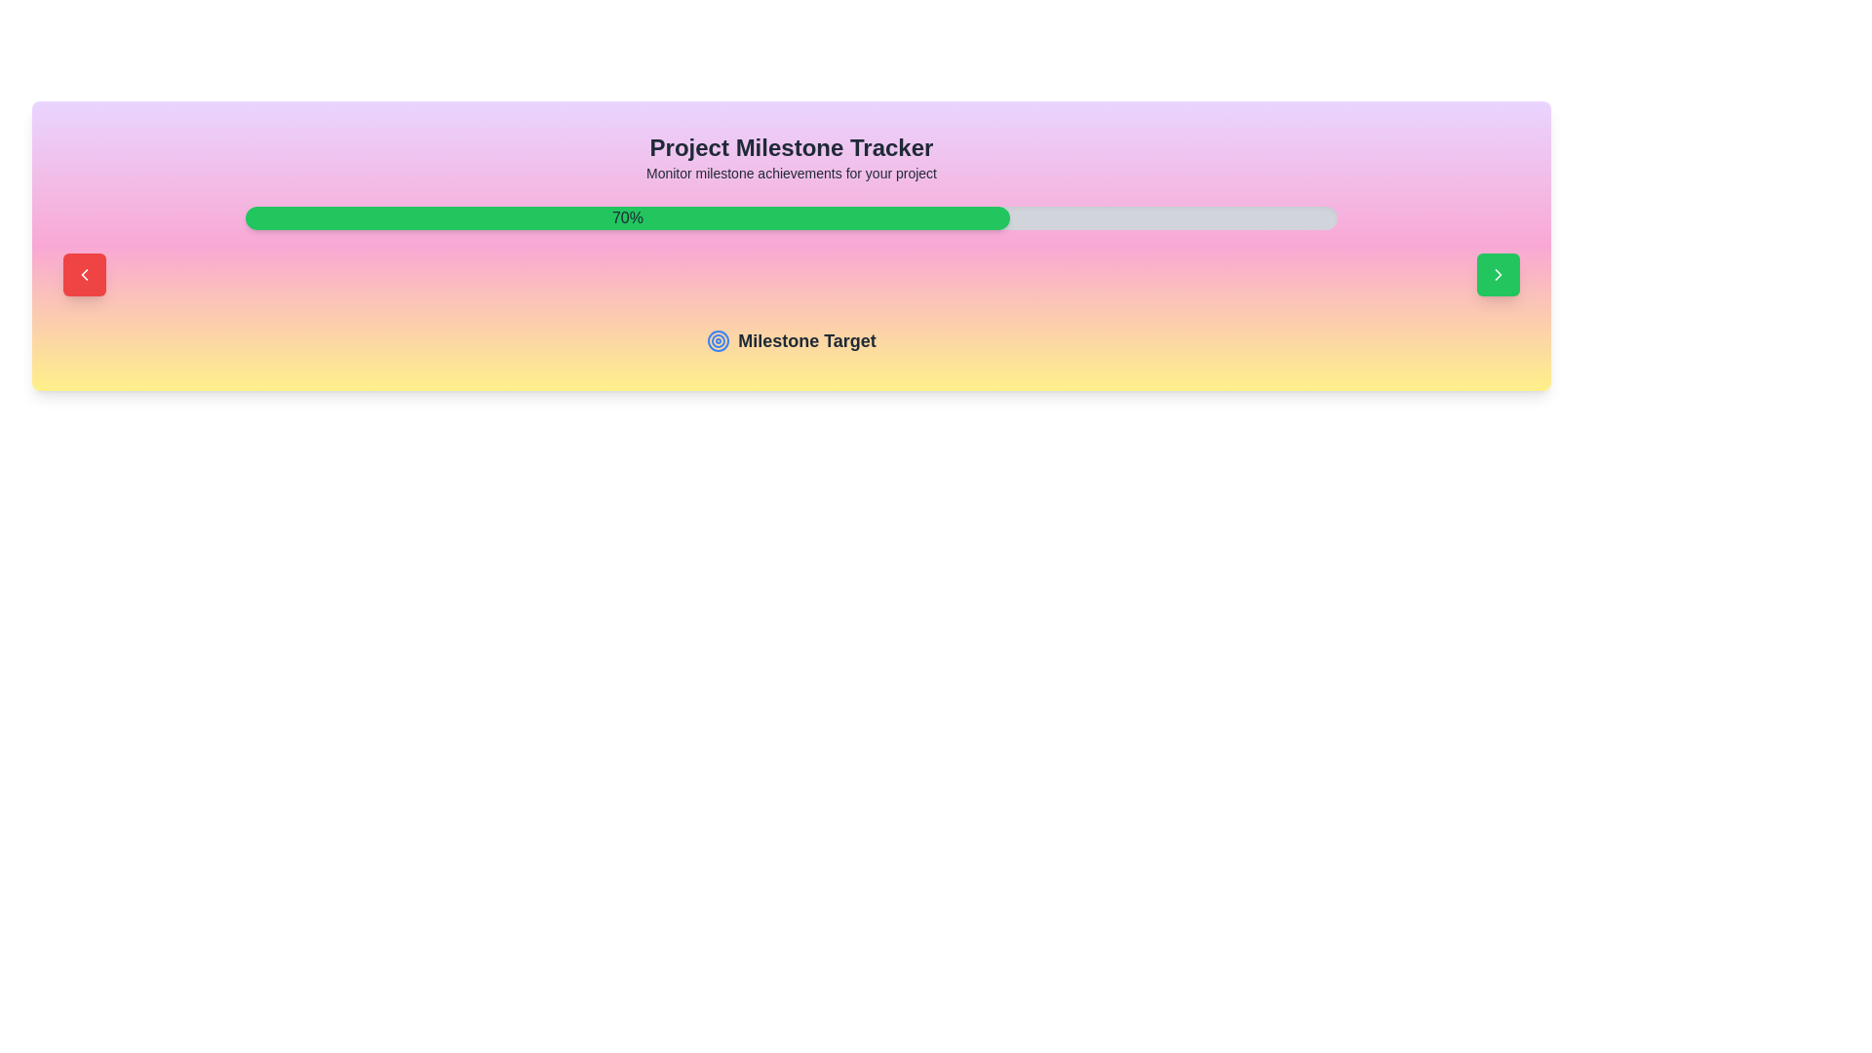 This screenshot has height=1053, width=1872. What do you see at coordinates (627, 217) in the screenshot?
I see `the Progress Indicator that visually represents a completion level of 70%` at bounding box center [627, 217].